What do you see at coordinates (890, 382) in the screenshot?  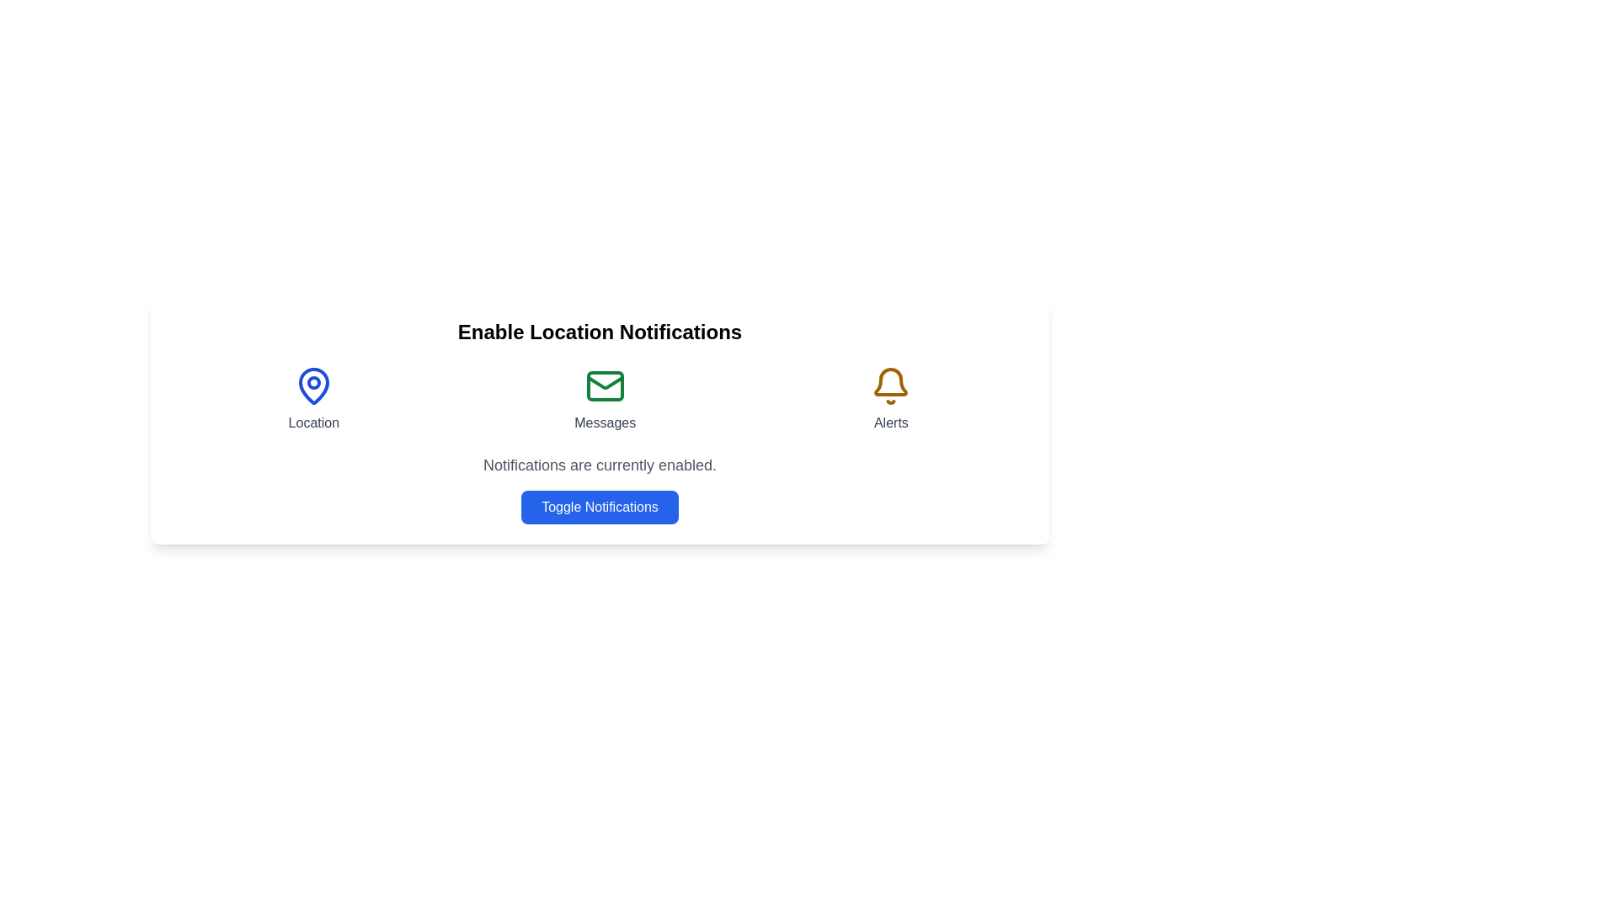 I see `the decorative vector shape resembling the lower part of the bell icon associated with the 'Alerts' label` at bounding box center [890, 382].